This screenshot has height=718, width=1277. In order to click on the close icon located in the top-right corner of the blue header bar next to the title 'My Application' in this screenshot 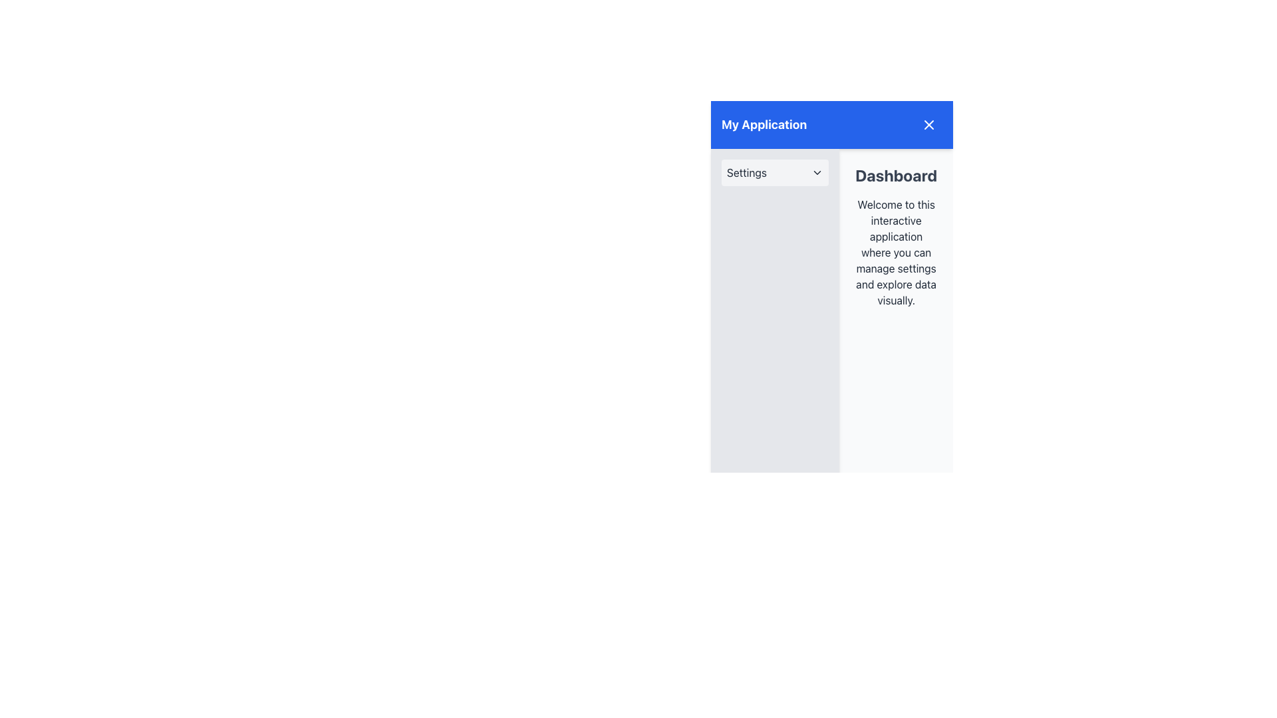, I will do `click(928, 125)`.